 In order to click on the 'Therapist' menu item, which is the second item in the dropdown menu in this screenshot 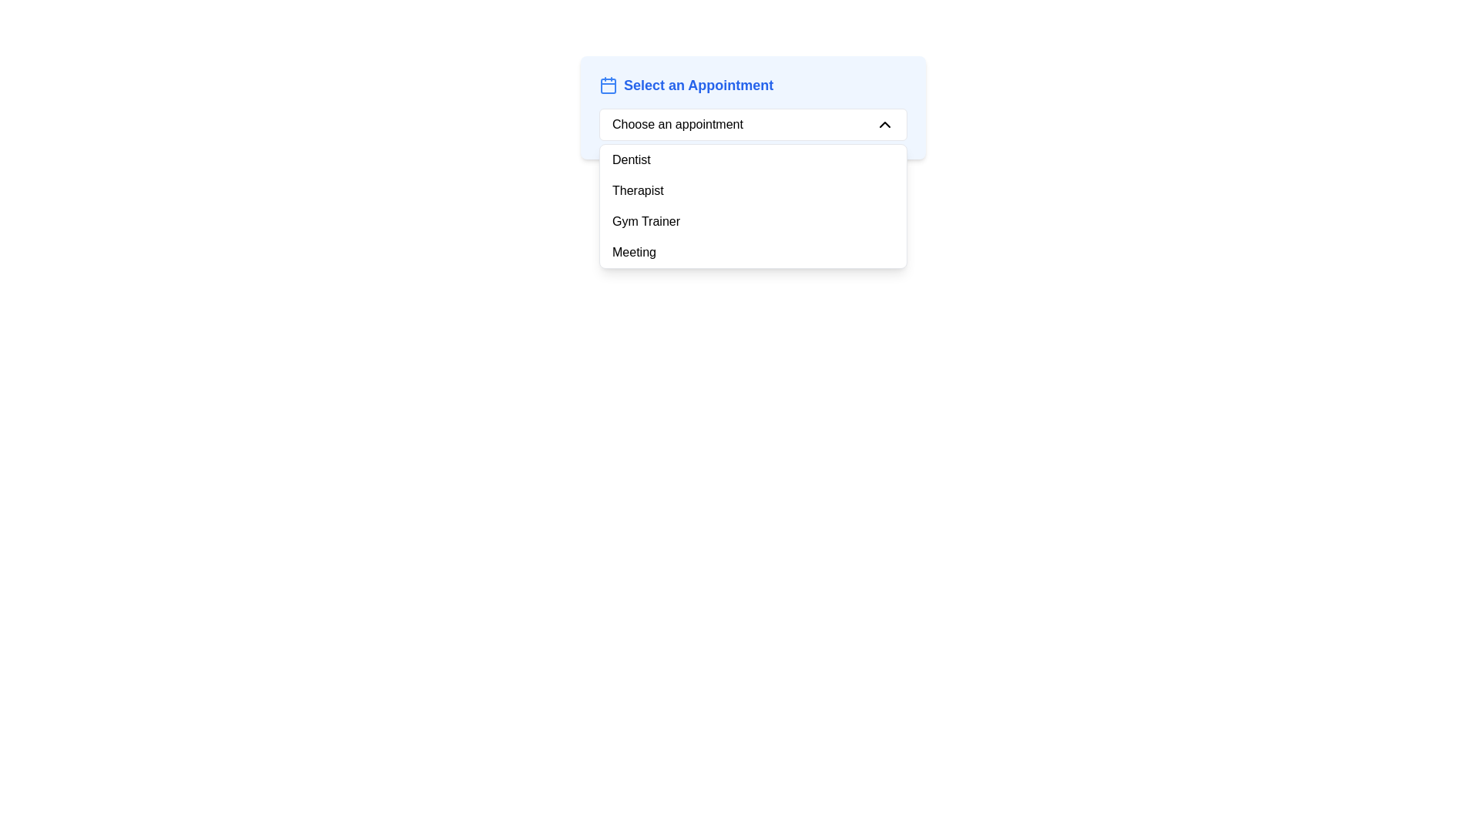, I will do `click(753, 190)`.